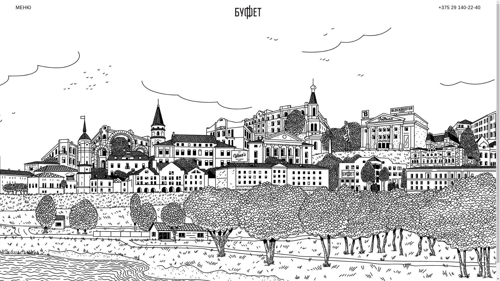  Describe the element at coordinates (459, 8) in the screenshot. I see `'+375 29 140-22-40'` at that location.